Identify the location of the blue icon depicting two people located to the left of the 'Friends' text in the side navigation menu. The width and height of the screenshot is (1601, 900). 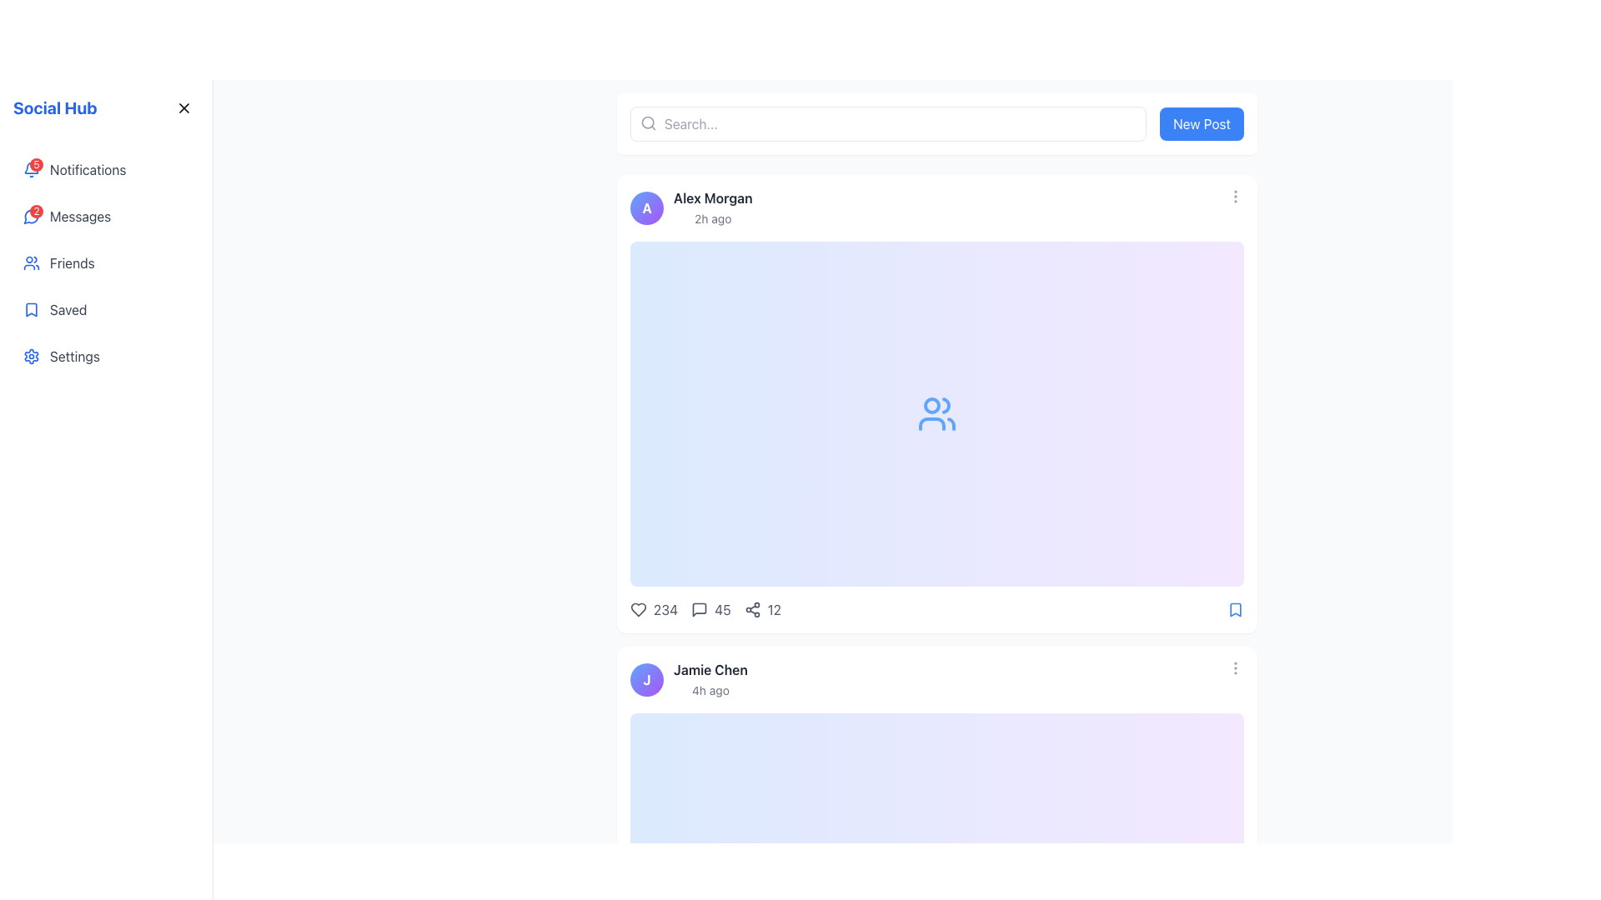
(32, 262).